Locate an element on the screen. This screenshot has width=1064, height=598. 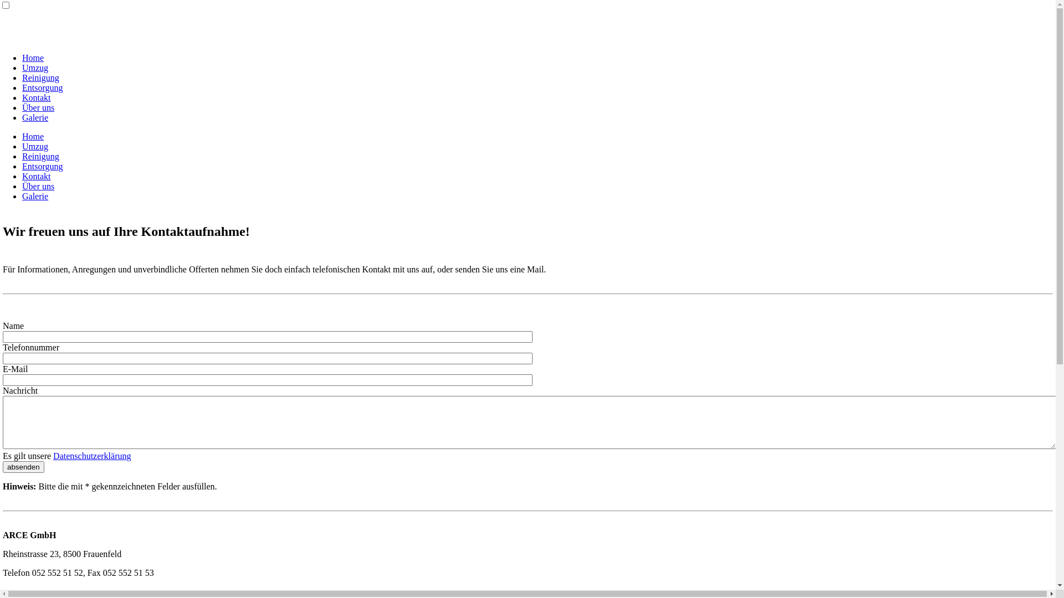
'Umzug' is located at coordinates (35, 146).